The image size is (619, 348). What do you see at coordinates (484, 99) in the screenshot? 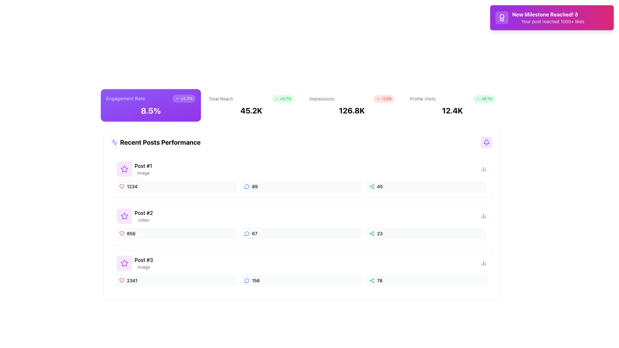
I see `the Status indicator with a green upward arrow and '+8.1%' text, located in the 'Profile Visits' section above '12.4K'` at bounding box center [484, 99].